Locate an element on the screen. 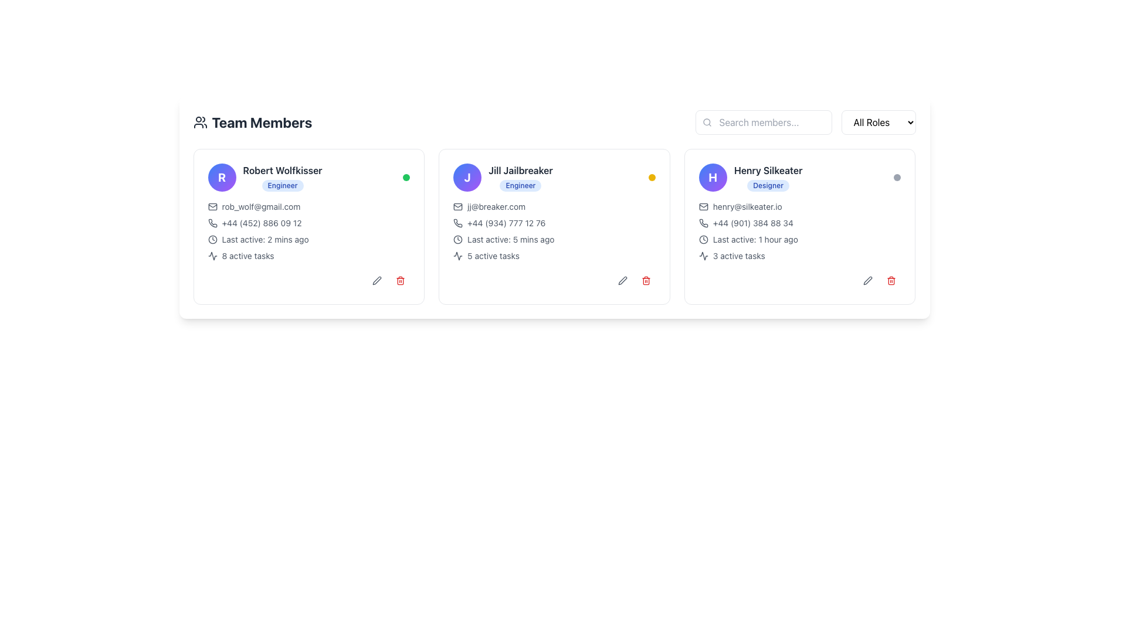 This screenshot has width=1126, height=633. the design of the phone icon located to the left of the contact phone number '+44 (452) 886 09 12' in the personal contact section for 'Robert Wolfkisser' is located at coordinates (212, 223).